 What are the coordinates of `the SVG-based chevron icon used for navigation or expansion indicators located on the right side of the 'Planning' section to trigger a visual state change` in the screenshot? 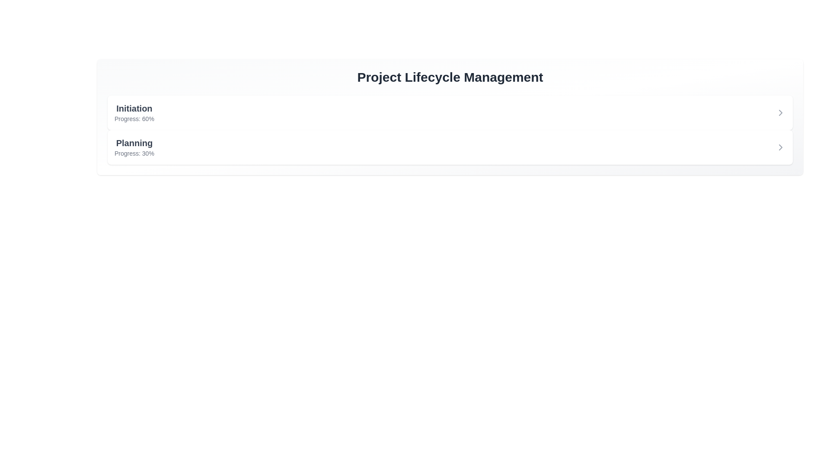 It's located at (780, 147).